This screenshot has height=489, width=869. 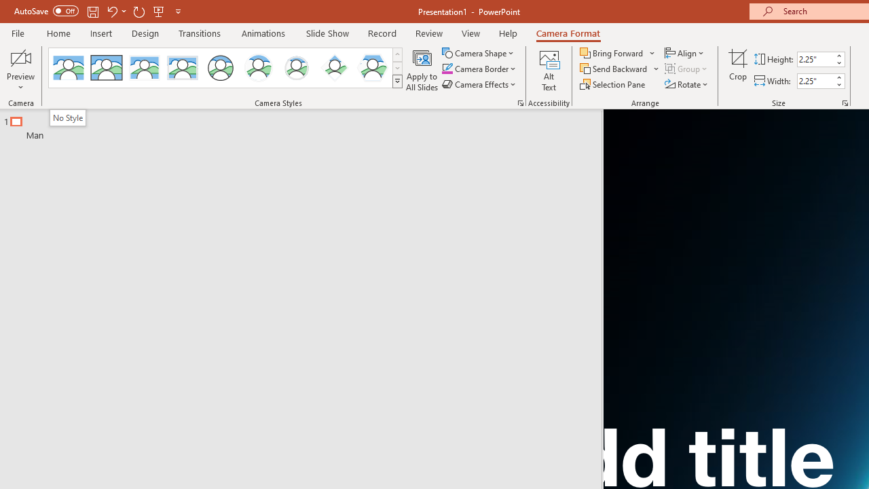 I want to click on 'Camera Shape', so click(x=479, y=52).